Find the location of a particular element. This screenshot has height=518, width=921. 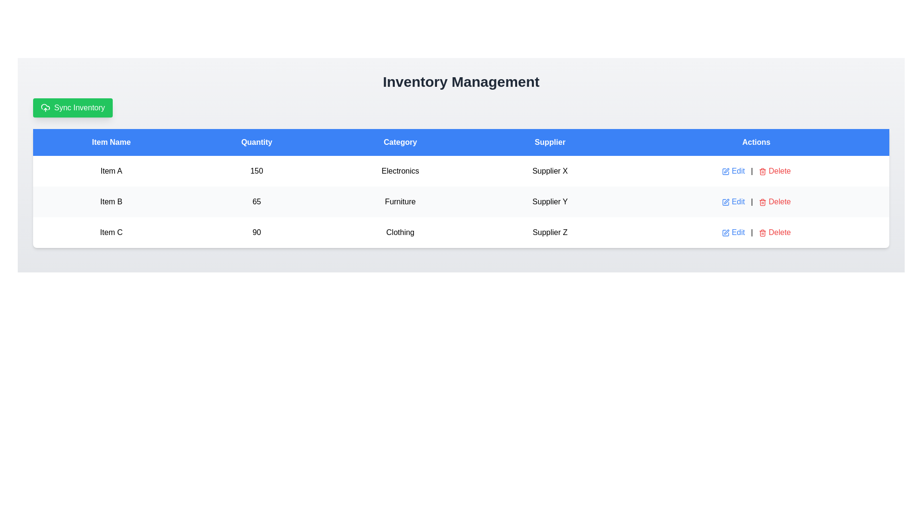

the Table Header Cell labeled 'Category', which is a bold text on a blue background positioned as the third cell in a table header row is located at coordinates (400, 142).